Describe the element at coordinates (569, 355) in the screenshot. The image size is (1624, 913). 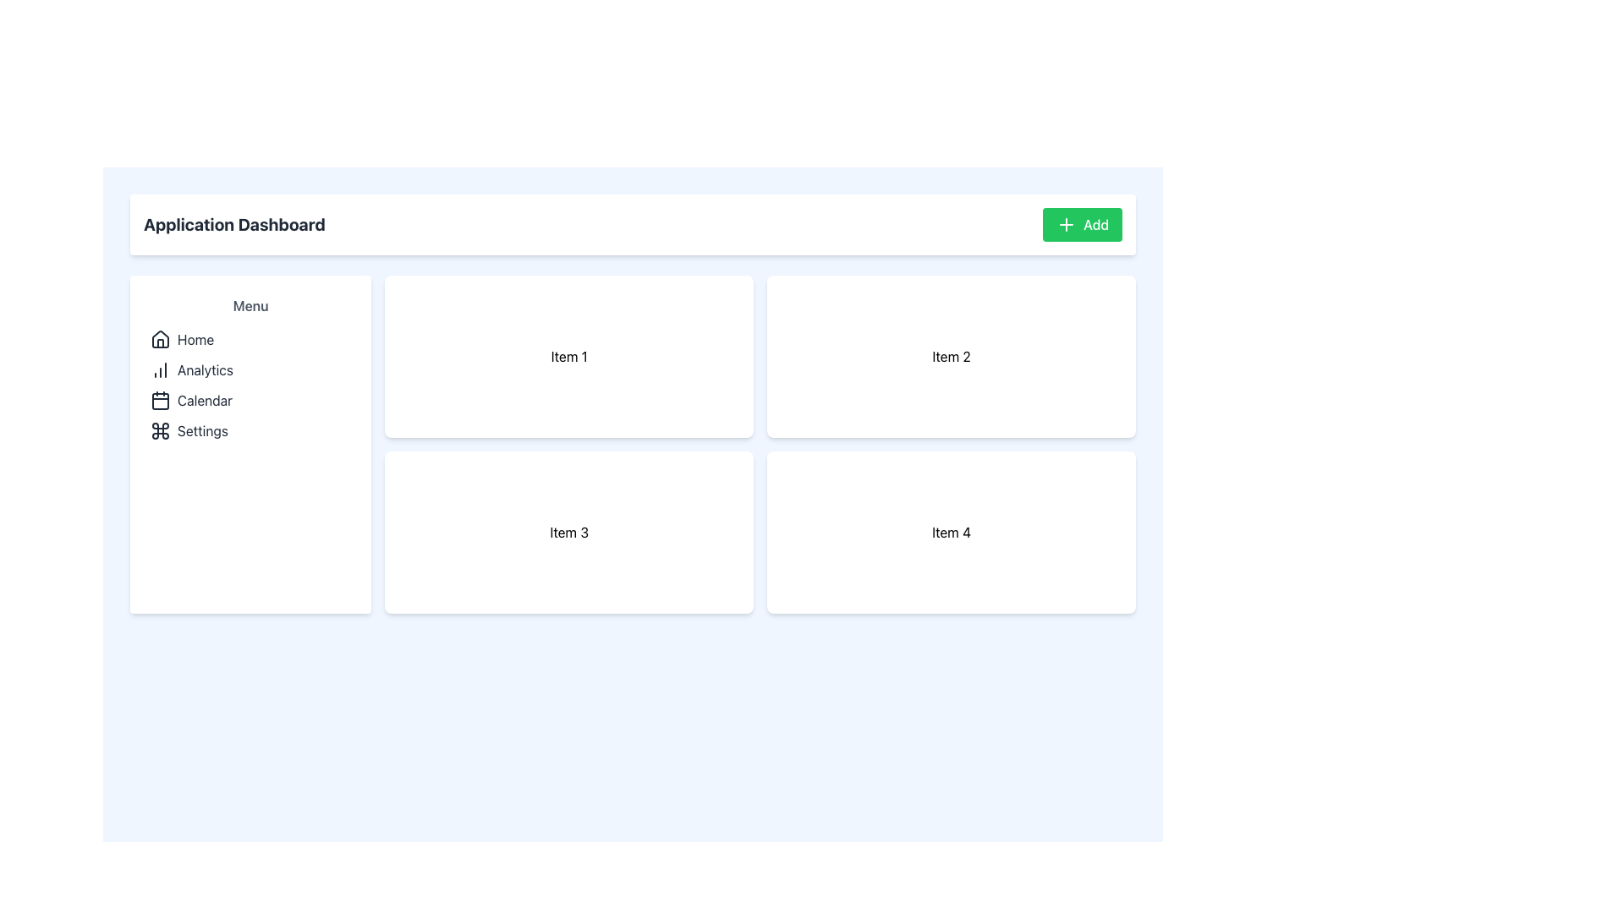
I see `the top-left card in the grid layout, which contains the text 'Item 1'` at that location.